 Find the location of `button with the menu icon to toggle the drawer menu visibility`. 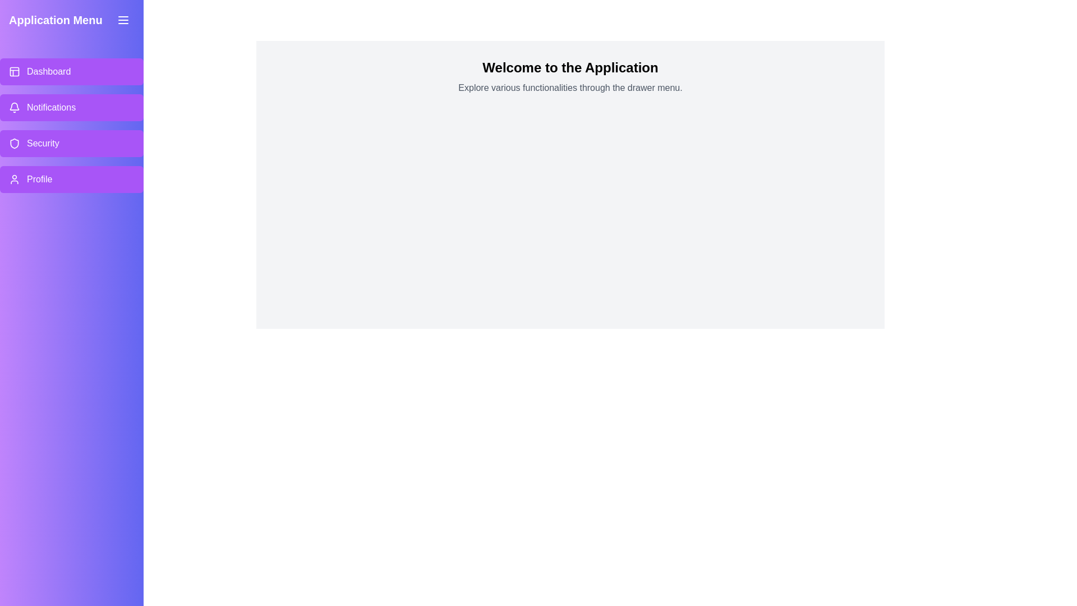

button with the menu icon to toggle the drawer menu visibility is located at coordinates (123, 20).